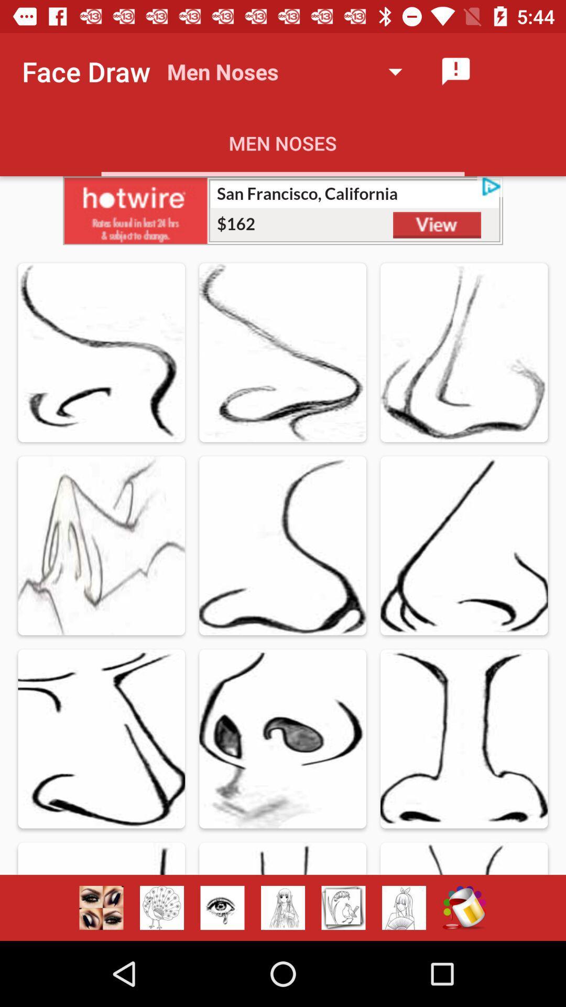  Describe the element at coordinates (283, 210) in the screenshot. I see `the picture` at that location.